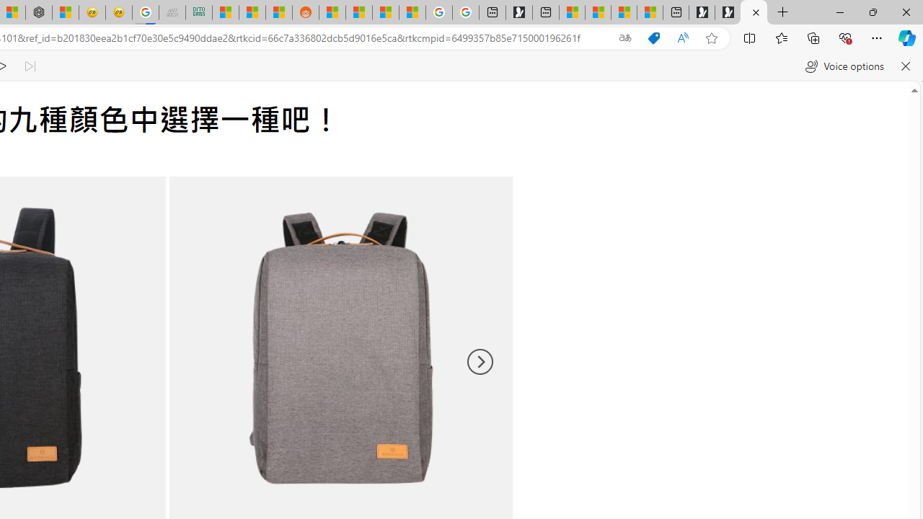 The height and width of the screenshot is (519, 923). I want to click on 'R******* | Trusted Community Engagement and Contributions', so click(331, 12).